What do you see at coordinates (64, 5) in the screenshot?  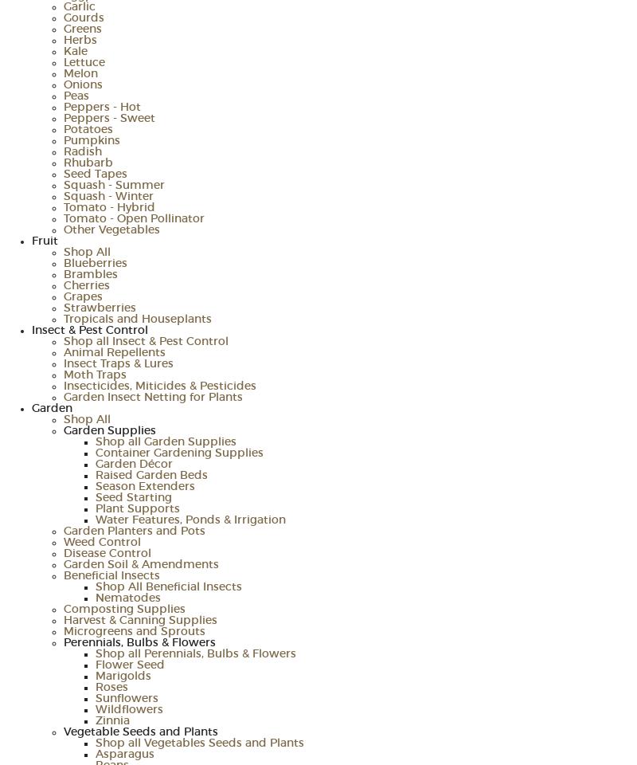 I see `'Garlic'` at bounding box center [64, 5].